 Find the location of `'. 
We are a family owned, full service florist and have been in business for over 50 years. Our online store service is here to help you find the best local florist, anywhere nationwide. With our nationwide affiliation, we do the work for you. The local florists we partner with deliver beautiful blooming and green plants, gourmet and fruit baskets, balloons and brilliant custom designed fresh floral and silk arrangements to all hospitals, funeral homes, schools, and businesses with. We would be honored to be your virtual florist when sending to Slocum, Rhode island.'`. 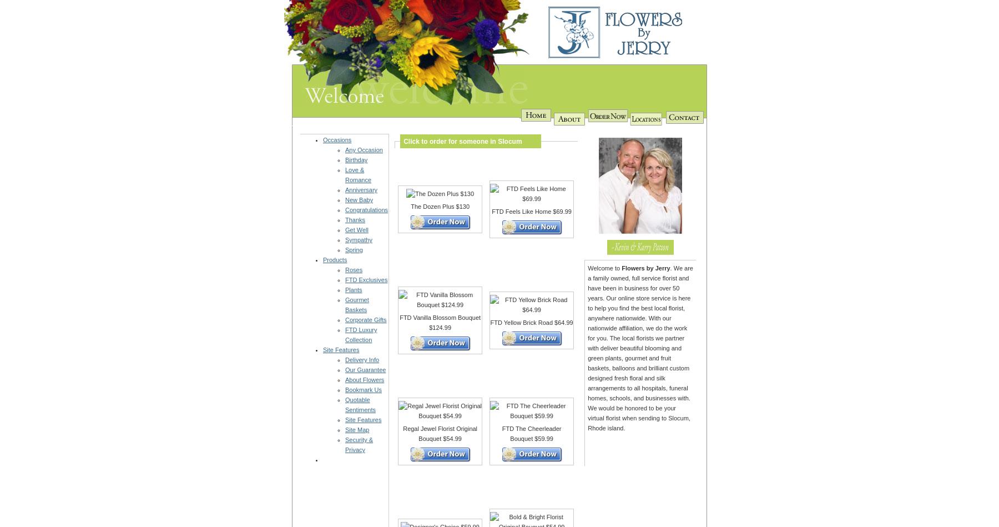

'. 
We are a family owned, full service florist and have been in business for over 50 years. Our online store service is here to help you find the best local florist, anywhere nationwide. With our nationwide affiliation, we do the work for you. The local florists we partner with deliver beautiful blooming and green plants, gourmet and fruit baskets, balloons and brilliant custom designed fresh floral and silk arrangements to all hospitals, funeral homes, schools, and businesses with. We would be honored to be your virtual florist when sending to Slocum, Rhode island.' is located at coordinates (639, 348).